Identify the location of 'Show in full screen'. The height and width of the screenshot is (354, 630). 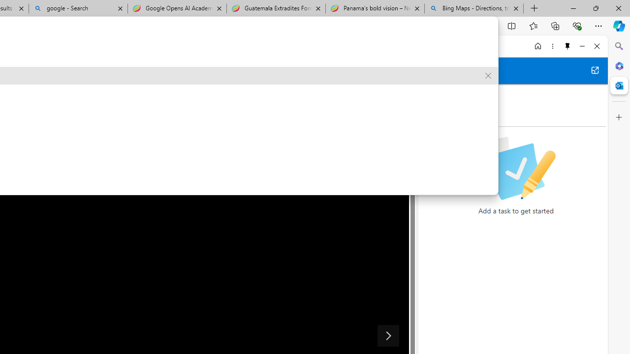
(394, 70).